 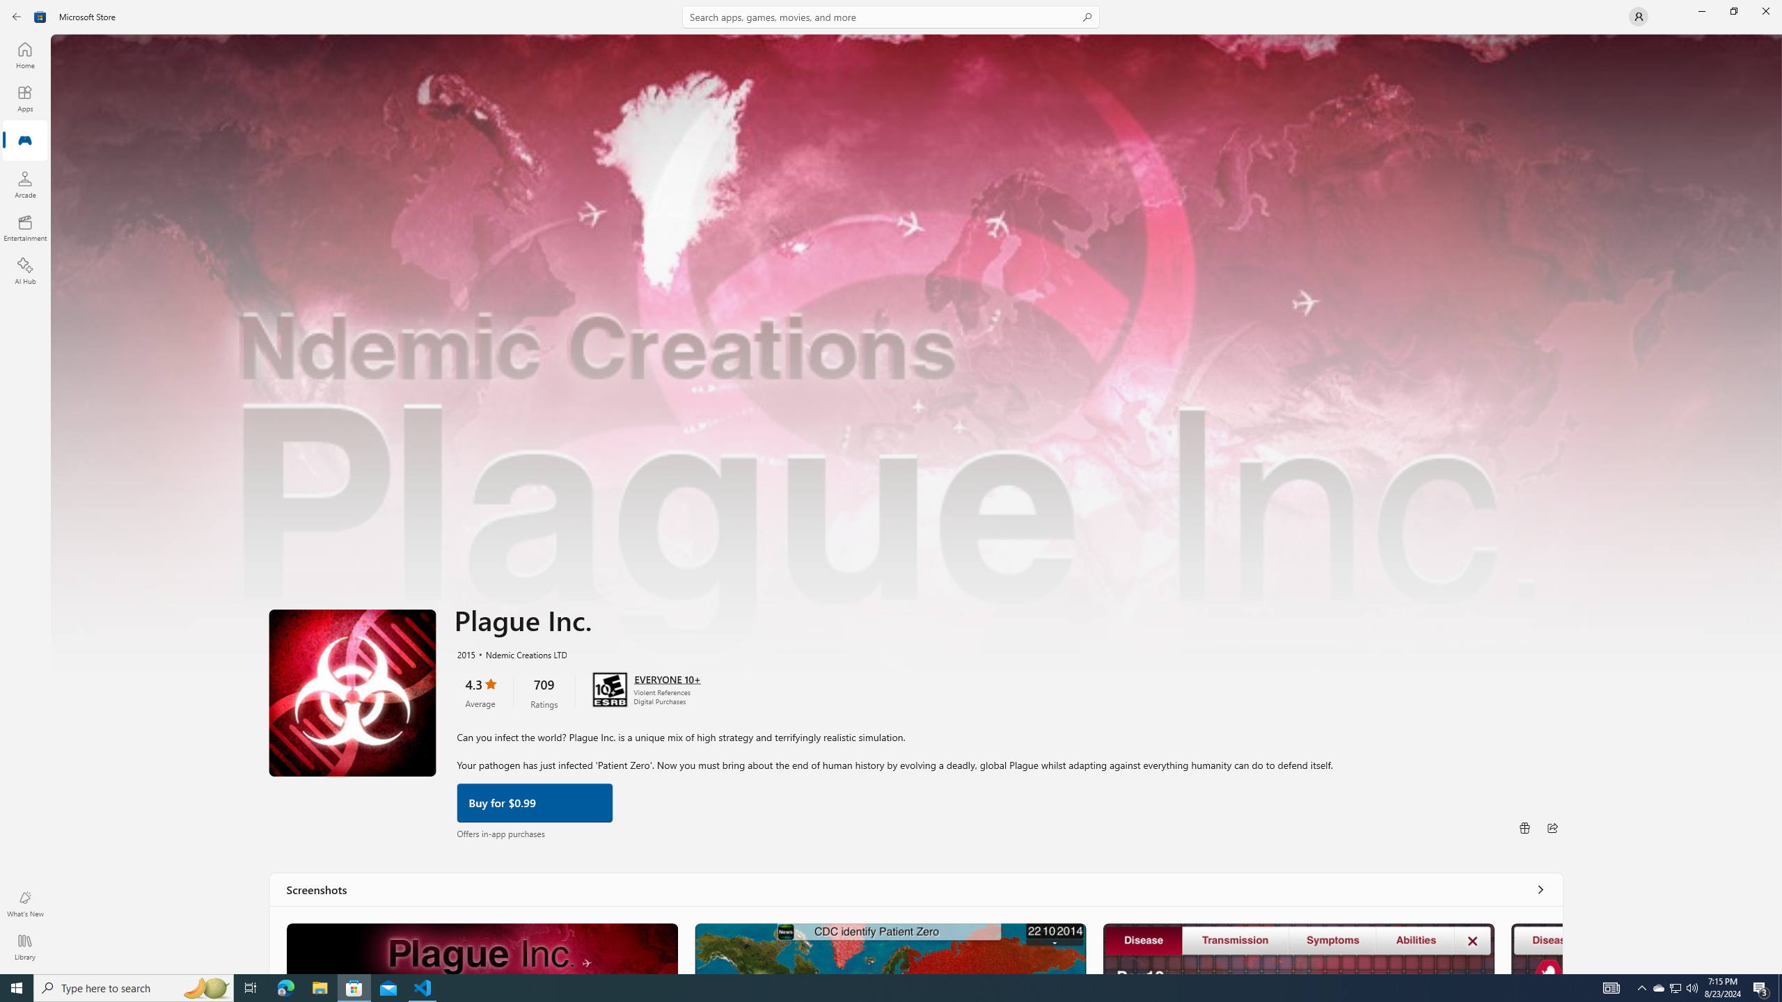 What do you see at coordinates (519, 653) in the screenshot?
I see `'Ndemic Creations LTD'` at bounding box center [519, 653].